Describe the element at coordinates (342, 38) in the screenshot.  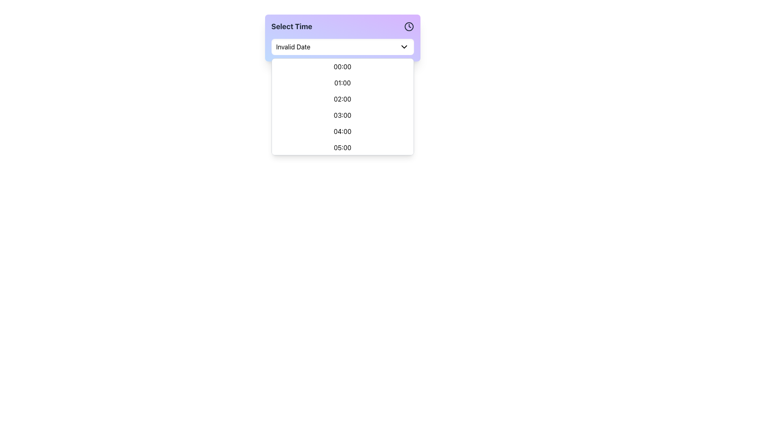
I see `the dropdown menu titled 'Invalid Date' located centrally below the label 'Select Time' within the gradient background card module` at that location.